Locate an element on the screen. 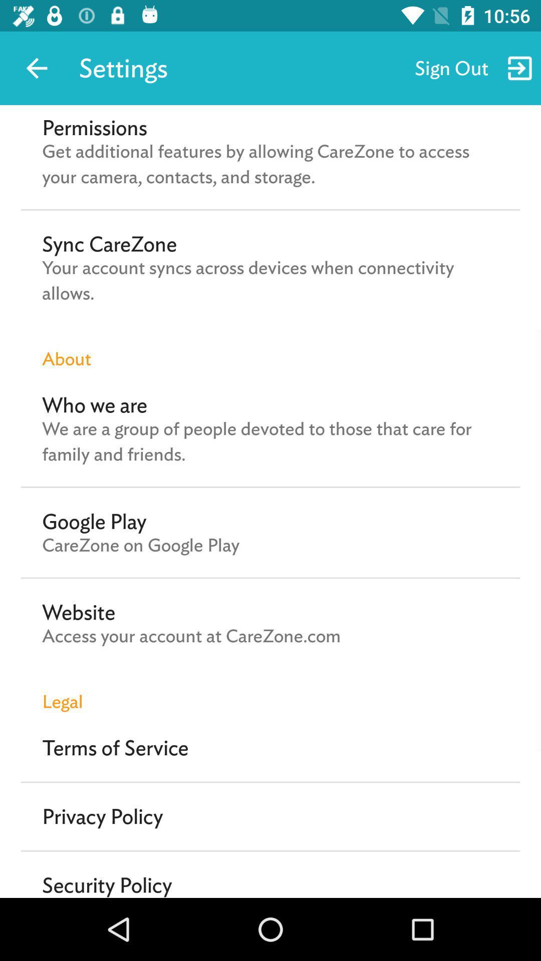 Image resolution: width=541 pixels, height=961 pixels. about is located at coordinates (270, 348).